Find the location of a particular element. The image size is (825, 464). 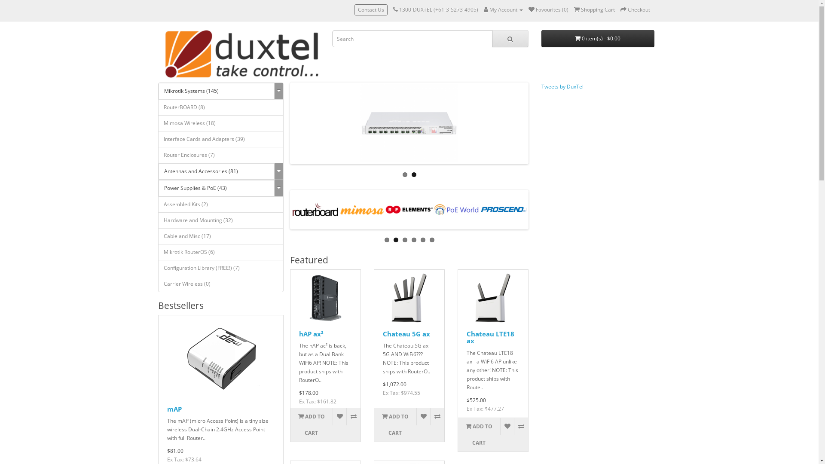

'Mikrotik RouterOS (6)' is located at coordinates (221, 251).